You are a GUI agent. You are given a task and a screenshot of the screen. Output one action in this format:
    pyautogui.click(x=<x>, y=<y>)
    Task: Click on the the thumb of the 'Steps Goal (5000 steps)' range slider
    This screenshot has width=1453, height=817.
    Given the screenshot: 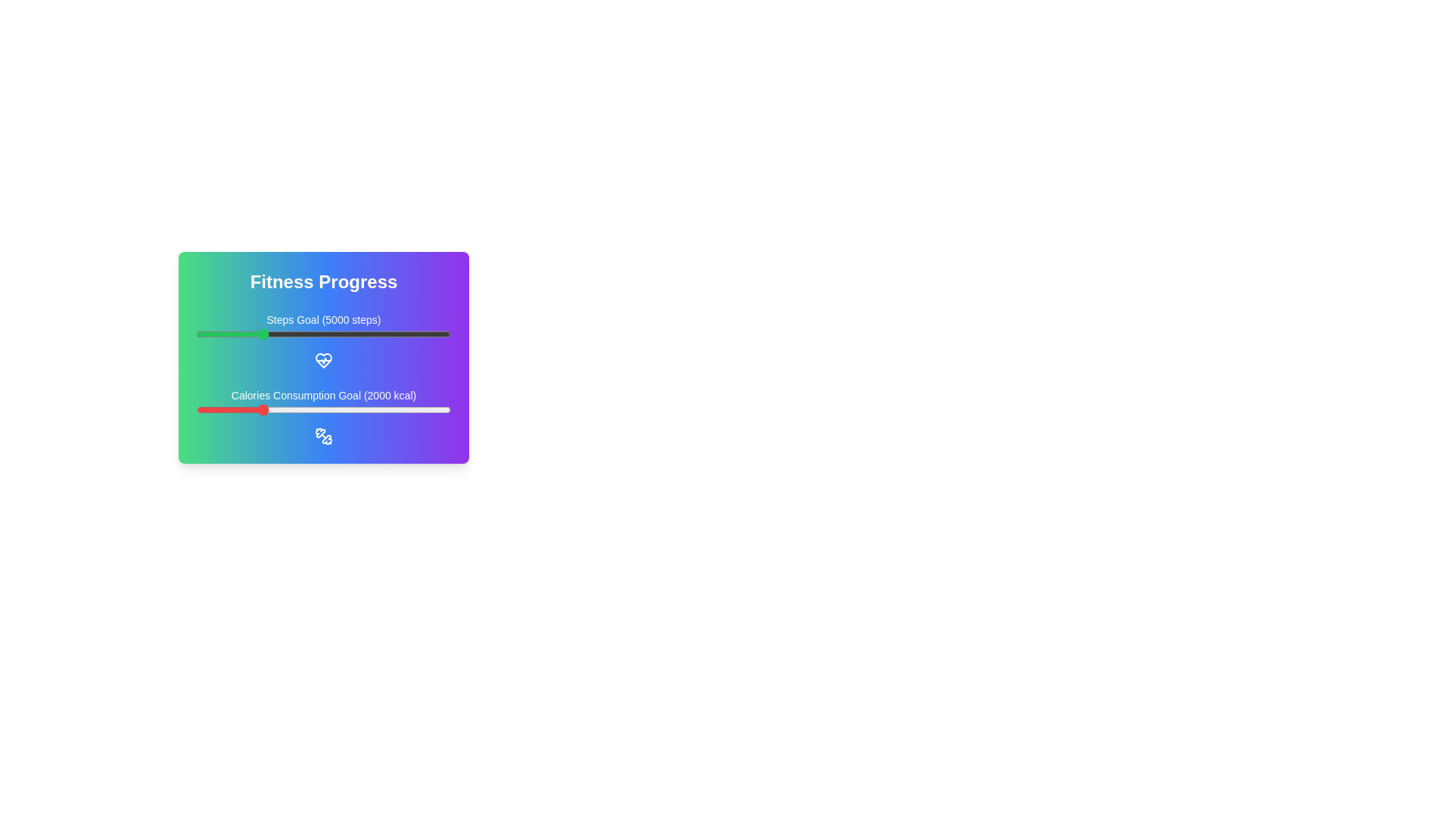 What is the action you would take?
    pyautogui.click(x=322, y=341)
    